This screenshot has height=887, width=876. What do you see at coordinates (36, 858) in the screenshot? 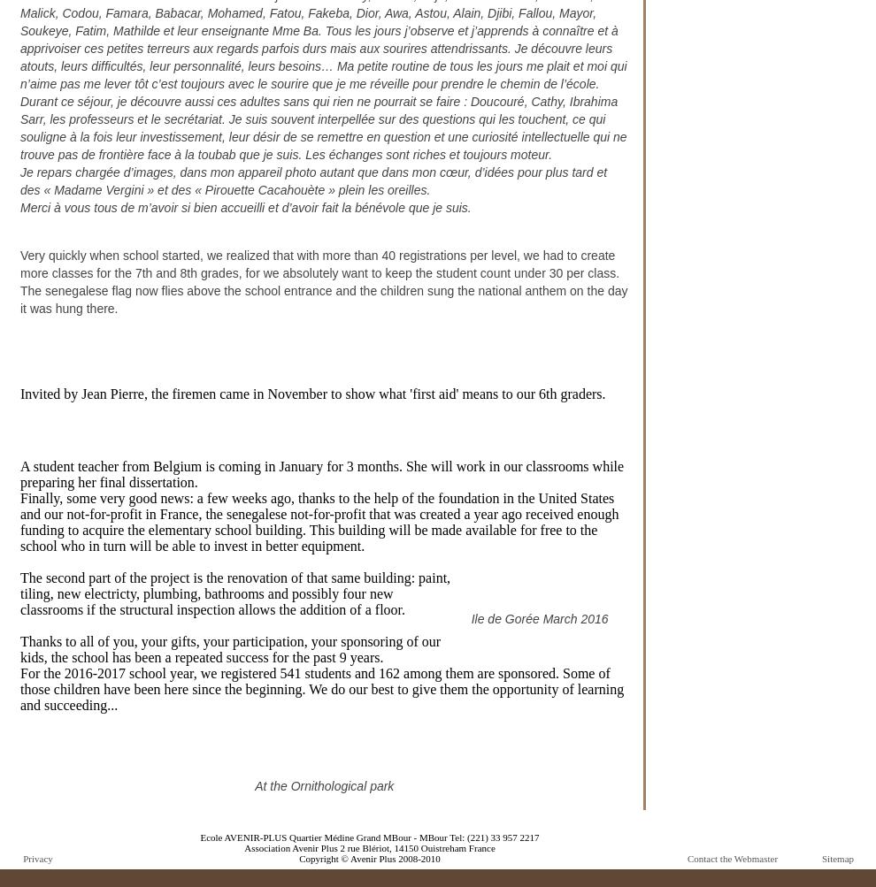
I see `'Privacy'` at bounding box center [36, 858].